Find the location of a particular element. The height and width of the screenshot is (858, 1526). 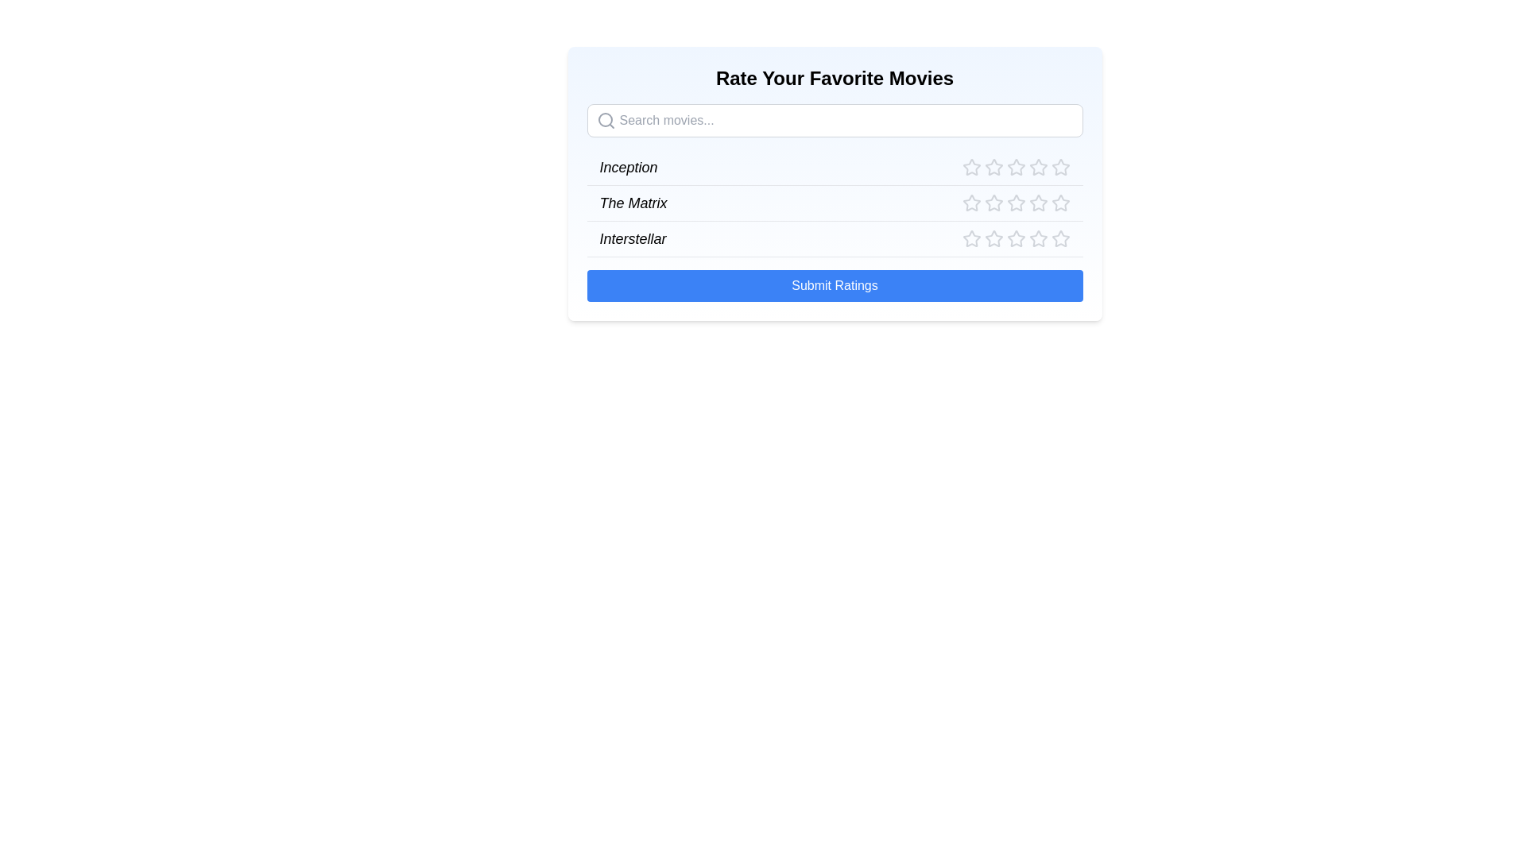

the 'Submit Ratings' button to submit all ratings is located at coordinates (834, 284).